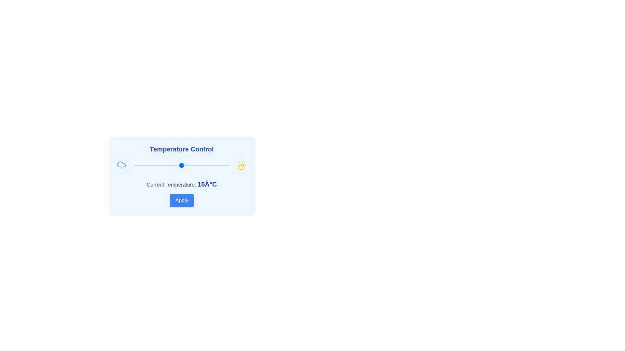 The image size is (625, 351). What do you see at coordinates (153, 165) in the screenshot?
I see `the temperature to 0°C using the slider` at bounding box center [153, 165].